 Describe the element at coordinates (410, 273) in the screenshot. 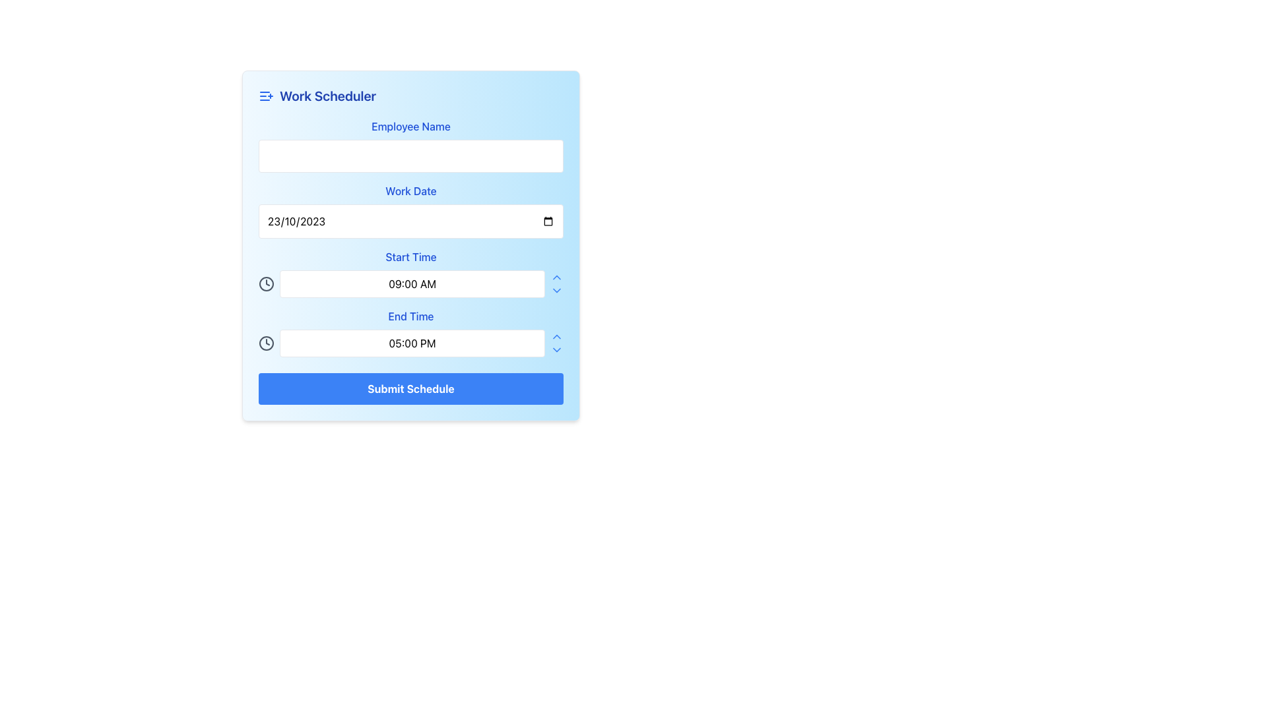

I see `the Dropdown Time Picker in the 'Work Scheduler' form and interact with the keyboard to shift the time value` at that location.